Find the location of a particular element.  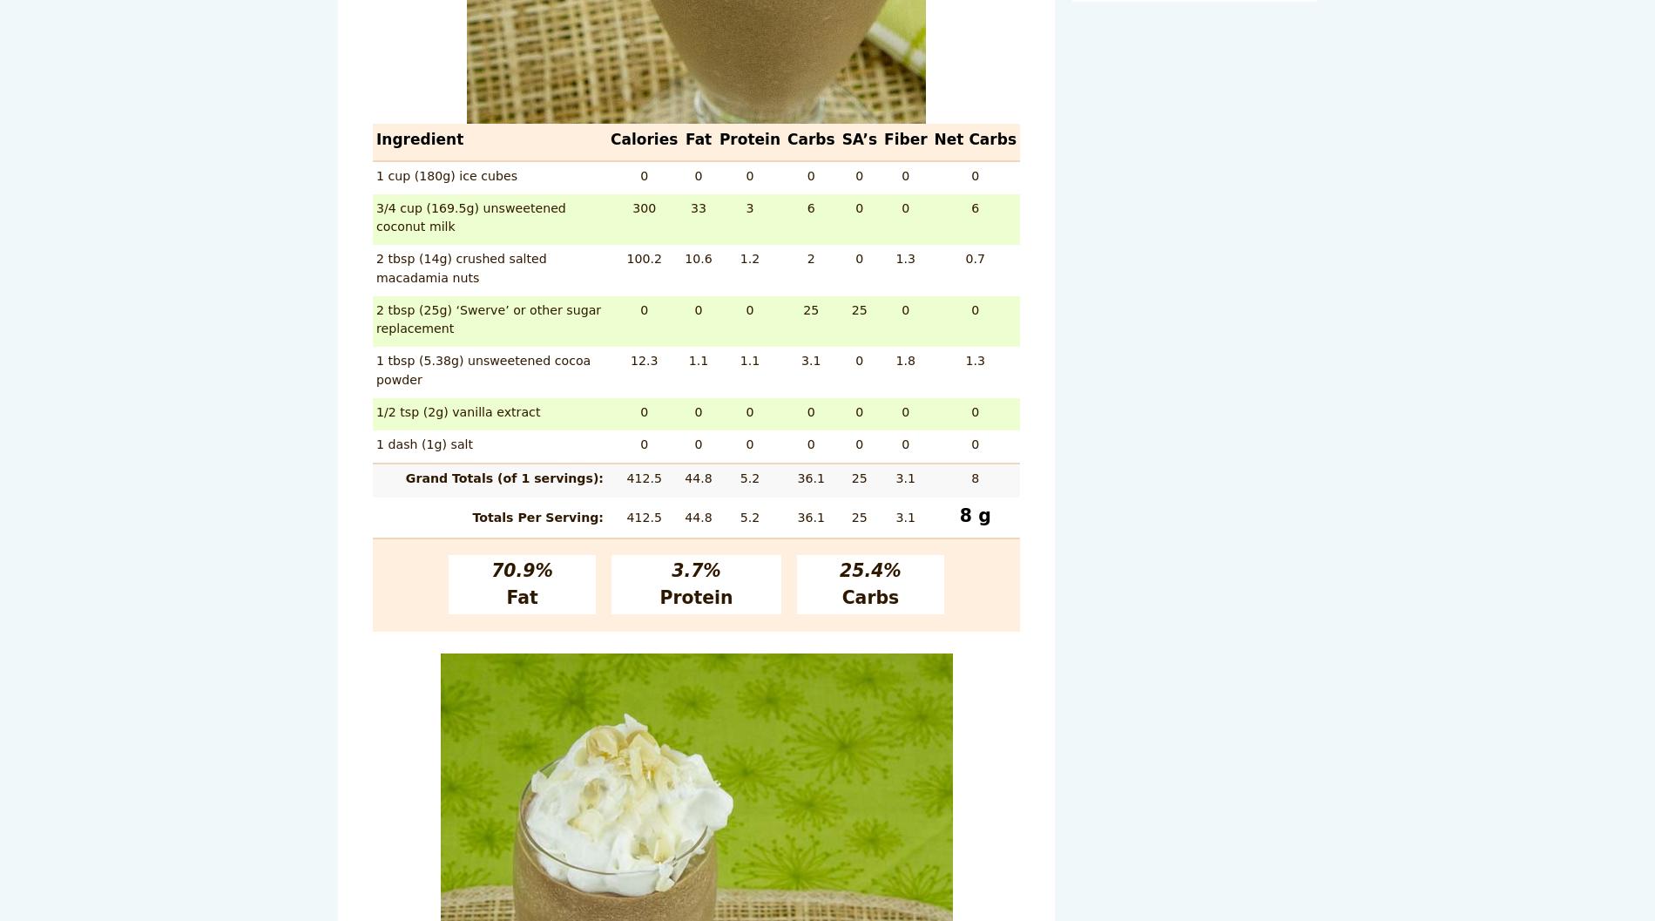

'1 tbsp (5.38g)  unsweetened cocoa powder' is located at coordinates (483, 369).